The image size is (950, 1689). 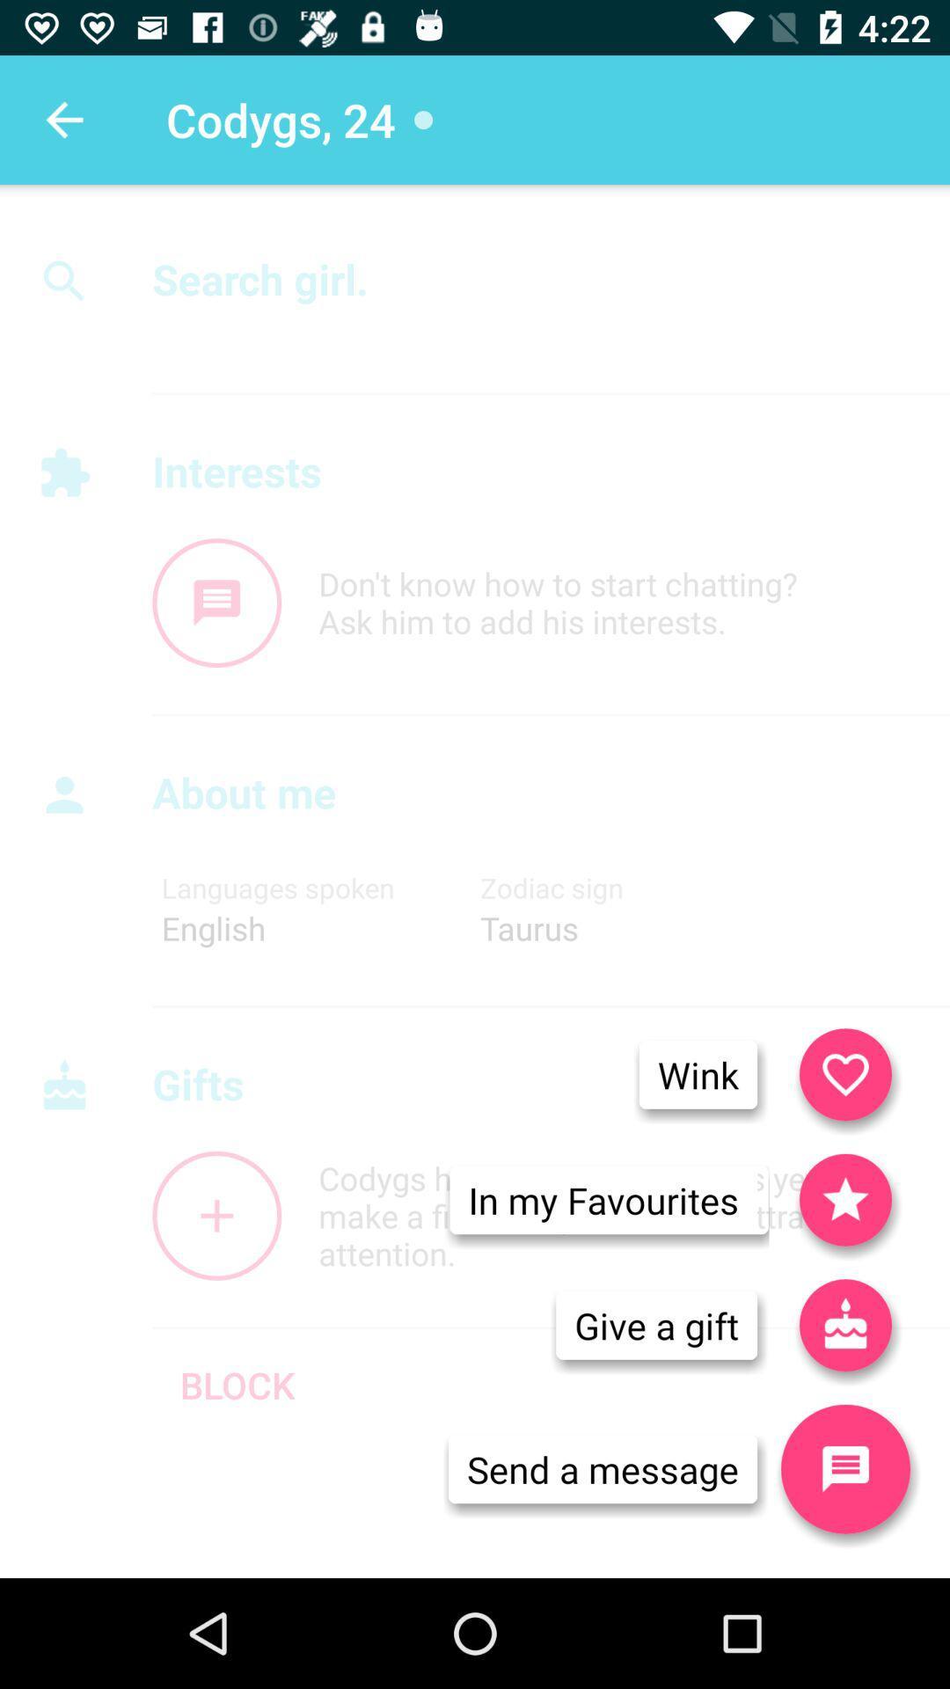 What do you see at coordinates (602, 1469) in the screenshot?
I see `the send a message item` at bounding box center [602, 1469].